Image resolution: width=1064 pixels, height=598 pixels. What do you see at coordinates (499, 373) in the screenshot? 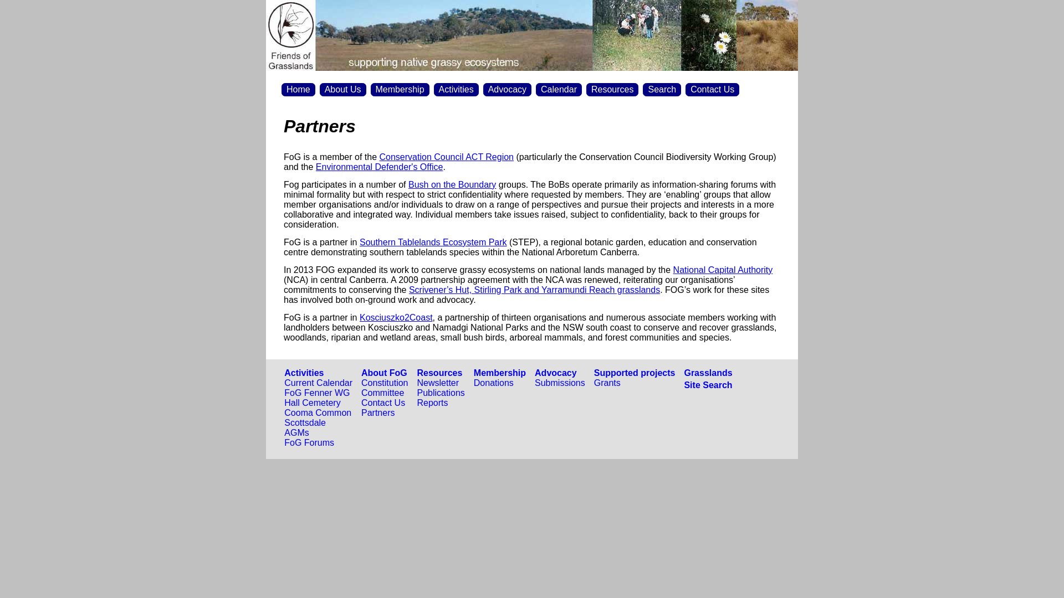
I see `'Membership'` at bounding box center [499, 373].